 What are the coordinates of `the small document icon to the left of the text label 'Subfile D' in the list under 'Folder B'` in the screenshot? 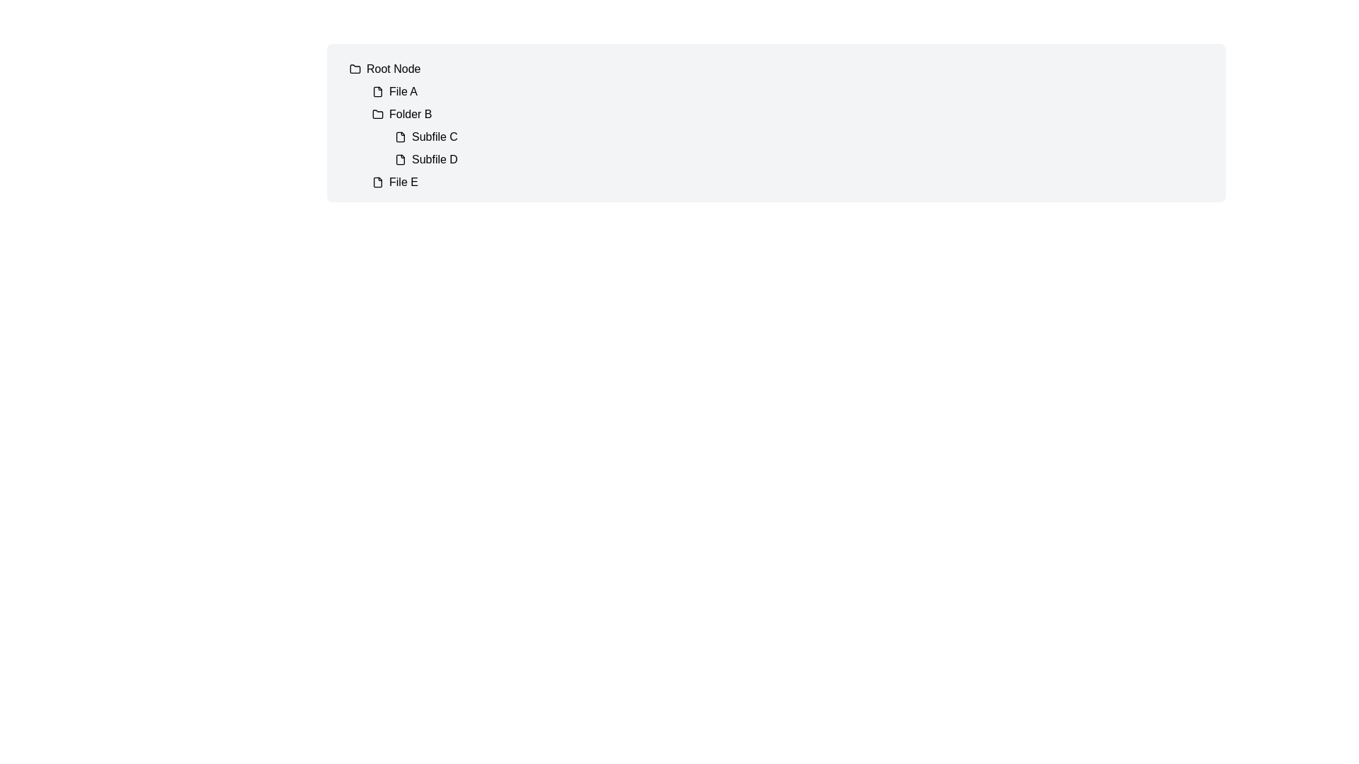 It's located at (400, 159).